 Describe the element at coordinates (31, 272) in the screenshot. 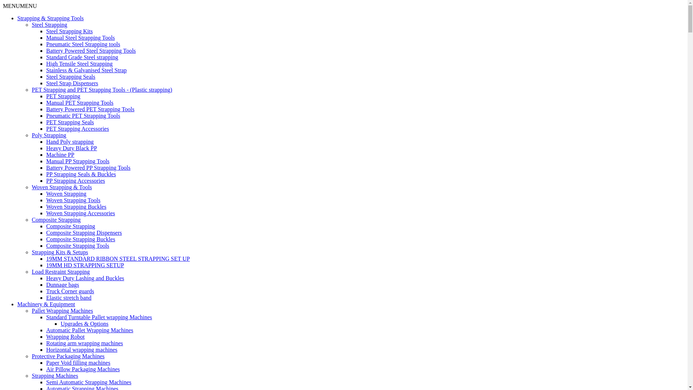

I see `'Load Restraint Strapping'` at that location.